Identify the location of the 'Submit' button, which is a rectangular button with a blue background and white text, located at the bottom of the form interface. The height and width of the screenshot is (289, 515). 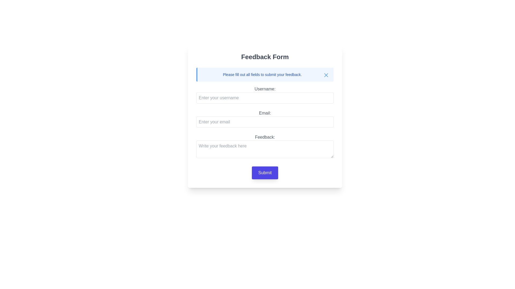
(265, 173).